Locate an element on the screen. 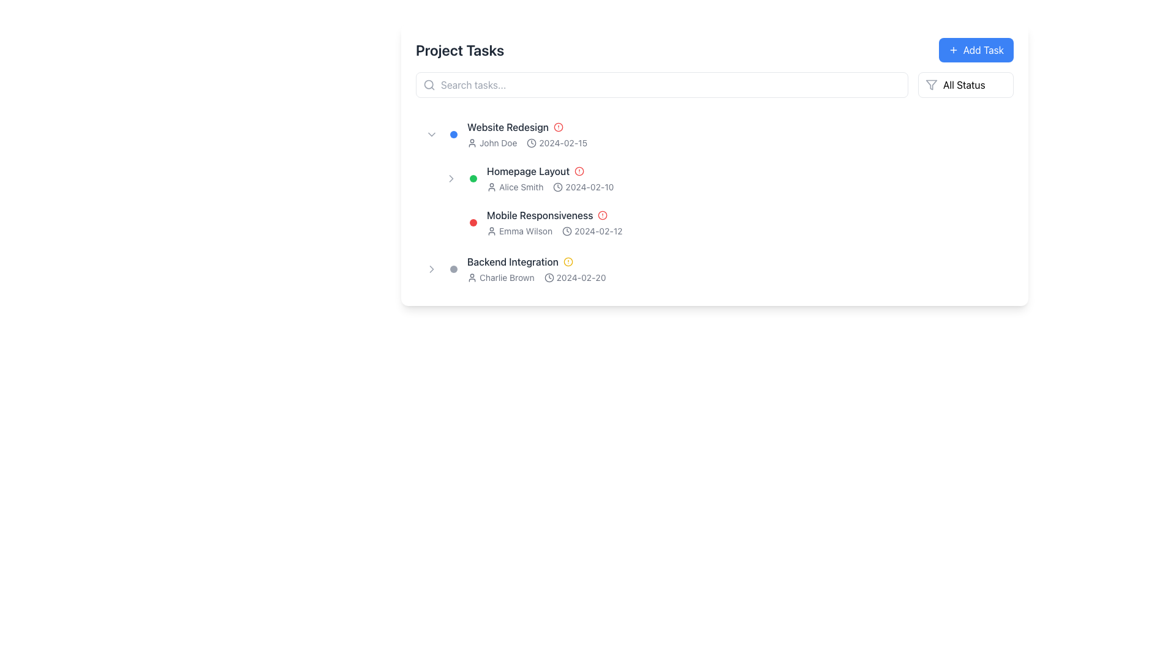 The height and width of the screenshot is (661, 1176). the text label displaying 'Alice Smith', which is positioned to the right of the user icon in the 'Homepage Layout' task row is located at coordinates (521, 187).